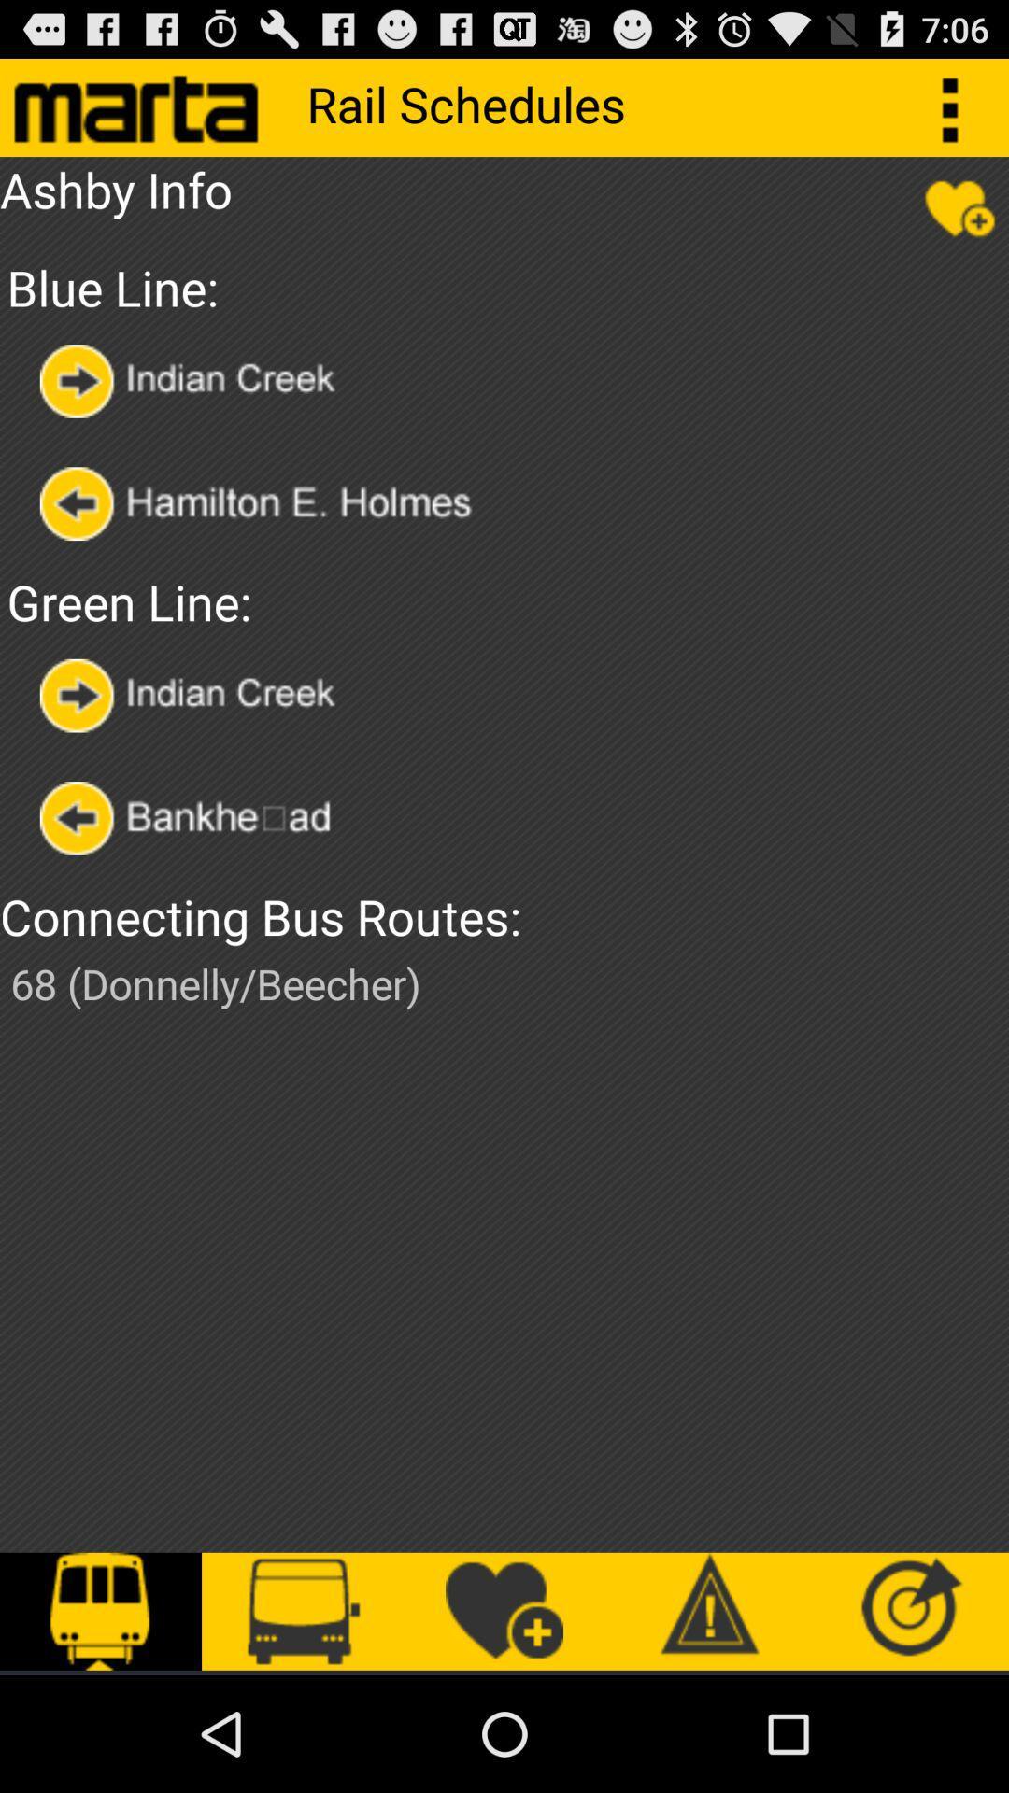  What do you see at coordinates (193, 695) in the screenshot?
I see `selected rail station` at bounding box center [193, 695].